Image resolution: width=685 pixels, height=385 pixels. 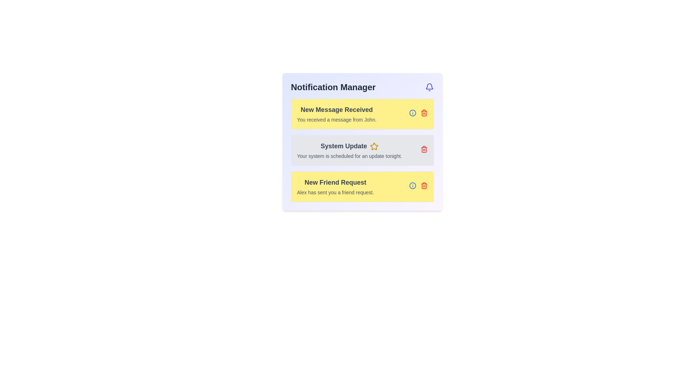 What do you see at coordinates (424, 112) in the screenshot?
I see `the trash icon located at the top-right of the 'New Message Received' notification card in the 'Notification Manager' section` at bounding box center [424, 112].